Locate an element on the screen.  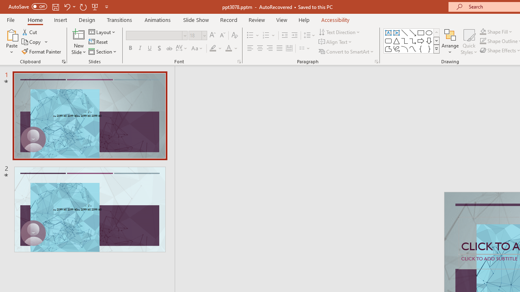
'Convert to SmartArt' is located at coordinates (347, 52).